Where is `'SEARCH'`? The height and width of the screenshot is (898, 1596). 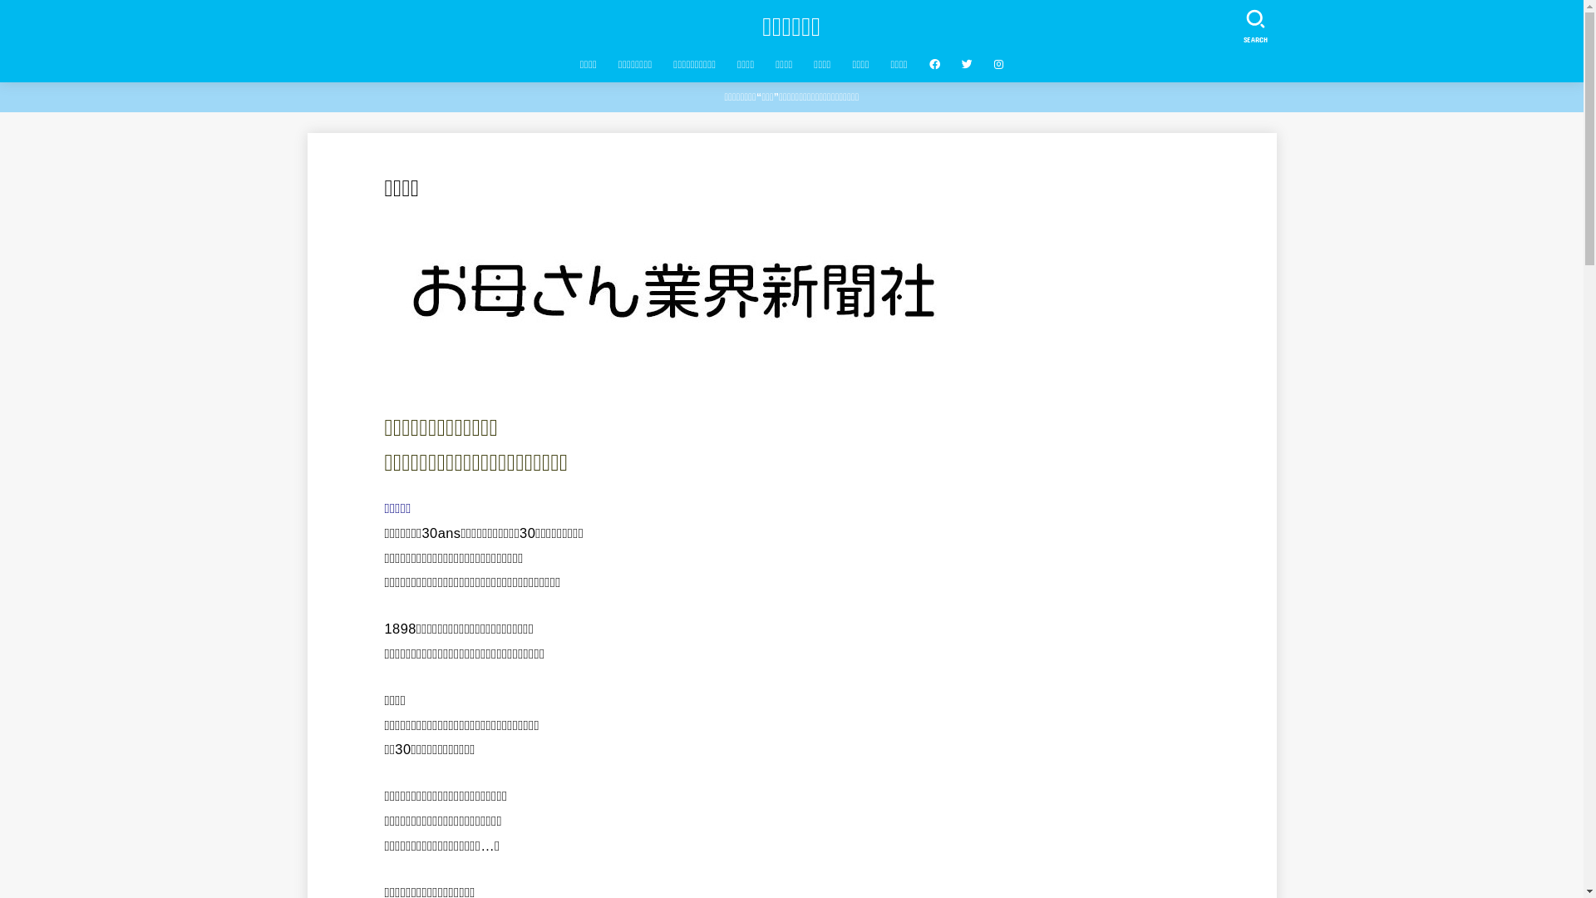
'SEARCH' is located at coordinates (1254, 22).